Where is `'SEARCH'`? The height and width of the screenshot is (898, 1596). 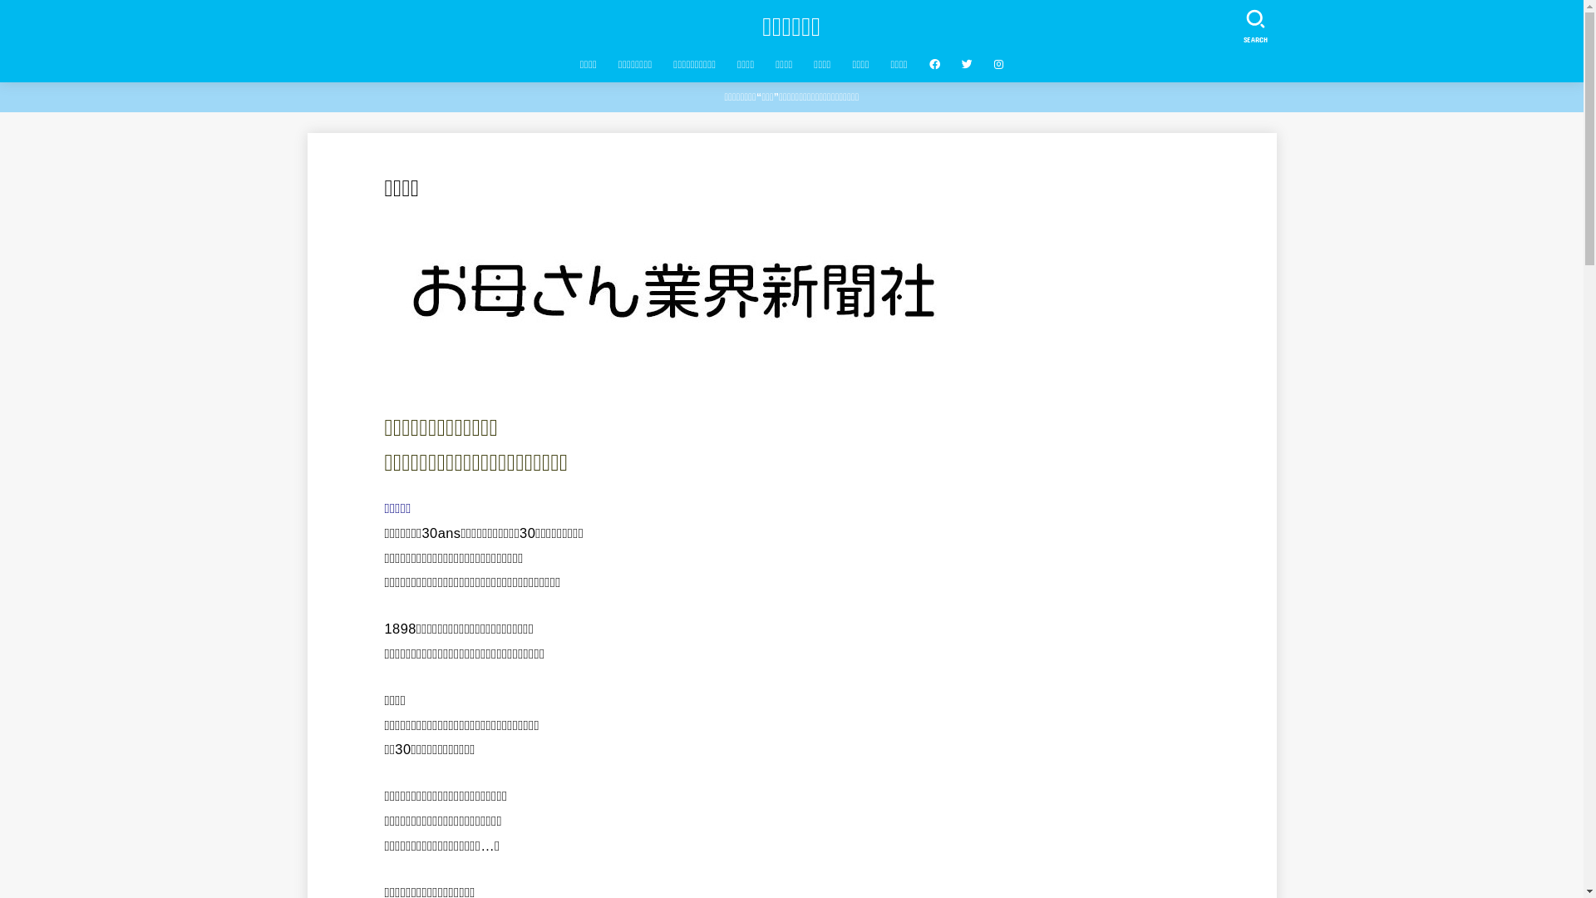
'SEARCH' is located at coordinates (1254, 22).